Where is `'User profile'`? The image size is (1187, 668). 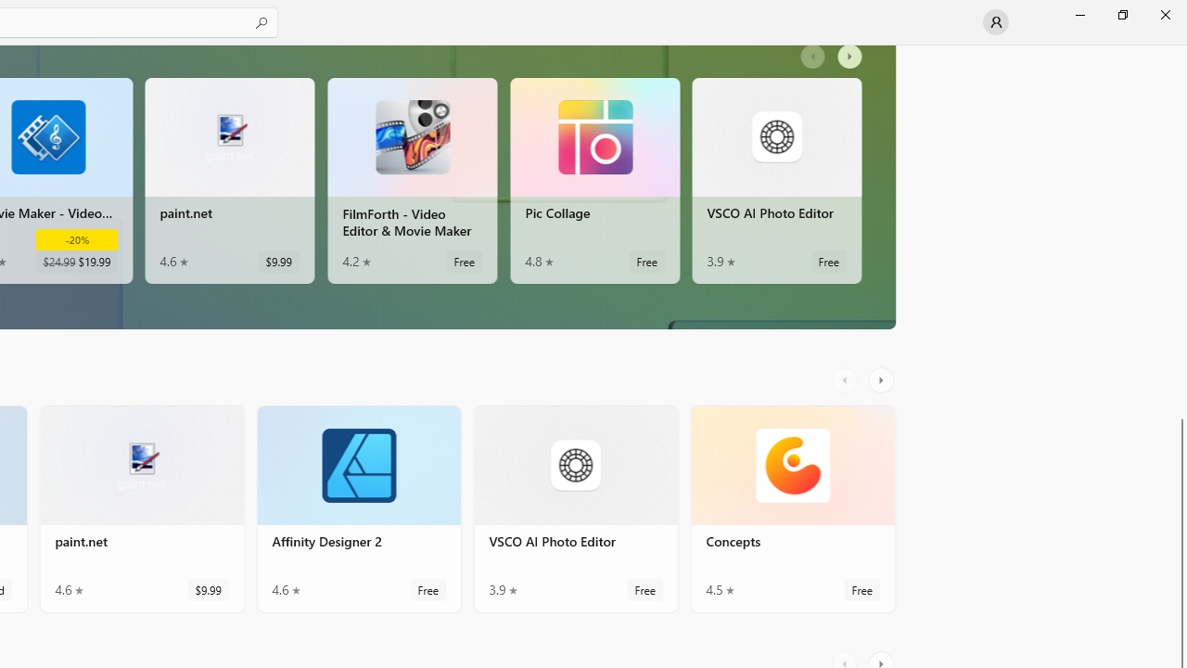 'User profile' is located at coordinates (994, 22).